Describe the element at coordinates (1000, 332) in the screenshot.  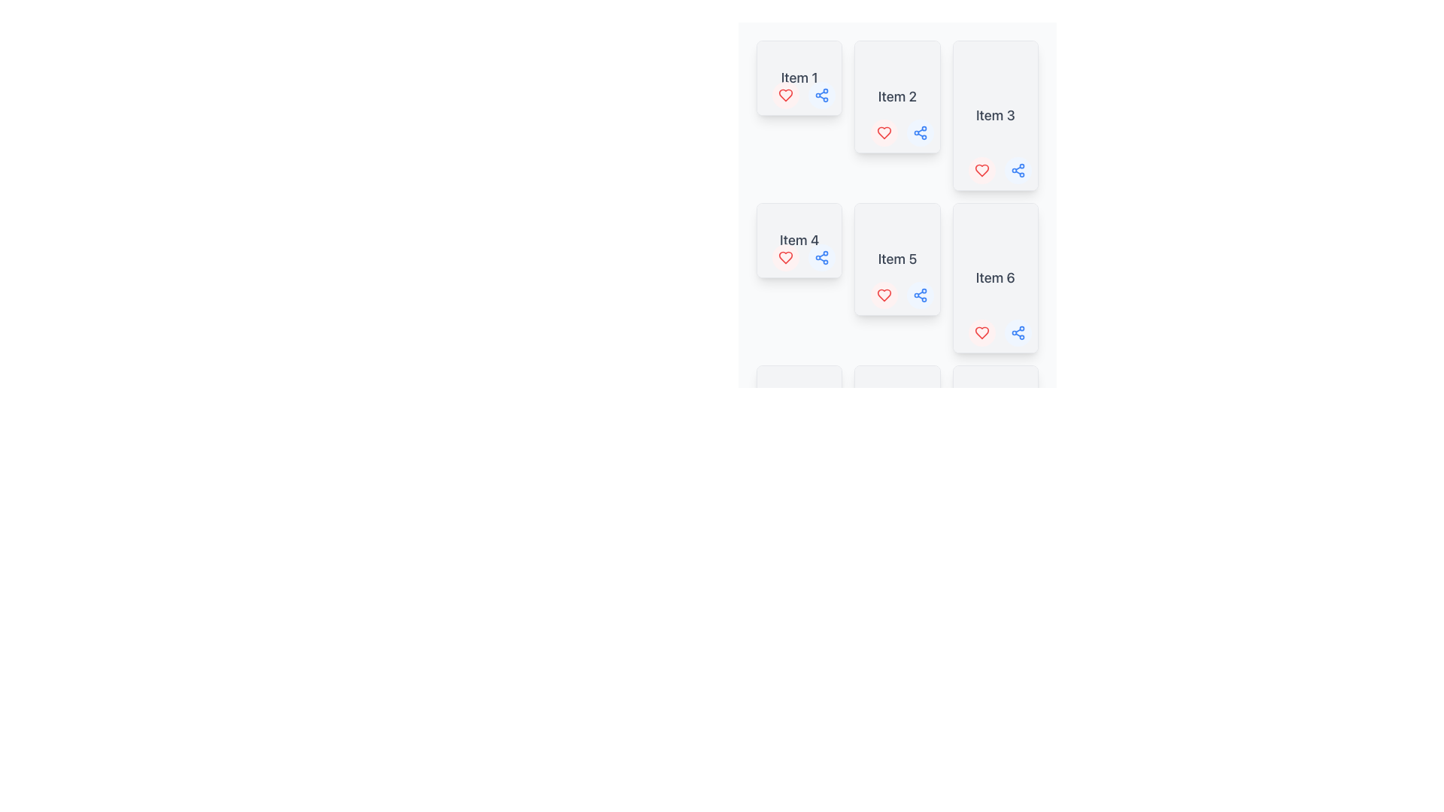
I see `the interactive control group containing buttons for 'like', 'favorite', and 'share' located in the bottom-right corner of 'Item 6'` at that location.